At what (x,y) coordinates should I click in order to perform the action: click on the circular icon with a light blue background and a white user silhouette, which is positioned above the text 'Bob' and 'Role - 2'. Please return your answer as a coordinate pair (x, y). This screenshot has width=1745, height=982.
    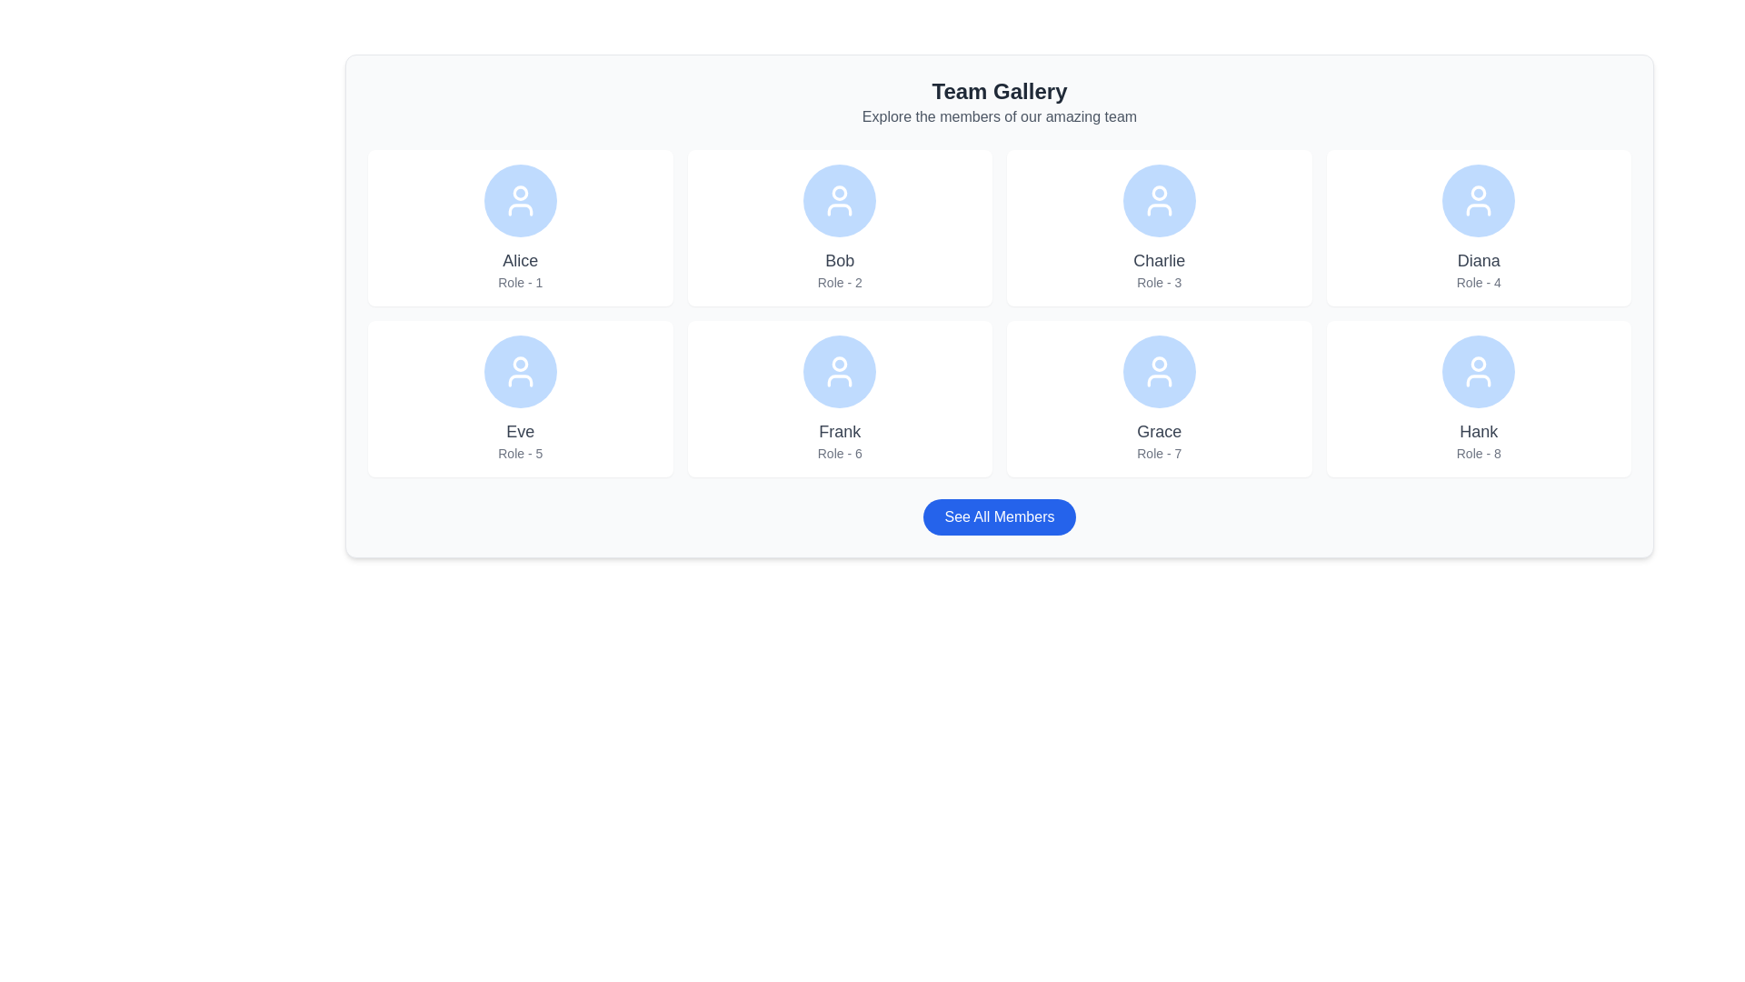
    Looking at the image, I should click on (839, 200).